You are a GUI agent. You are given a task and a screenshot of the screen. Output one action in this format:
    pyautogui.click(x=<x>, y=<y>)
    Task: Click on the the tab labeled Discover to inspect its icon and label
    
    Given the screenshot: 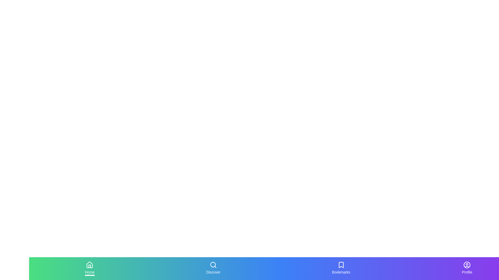 What is the action you would take?
    pyautogui.click(x=213, y=268)
    